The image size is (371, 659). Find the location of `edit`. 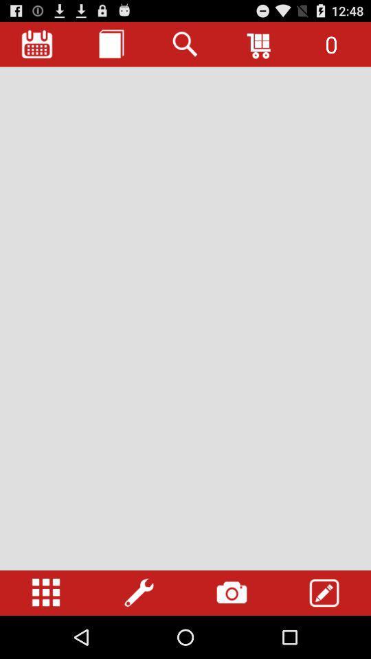

edit is located at coordinates (324, 592).